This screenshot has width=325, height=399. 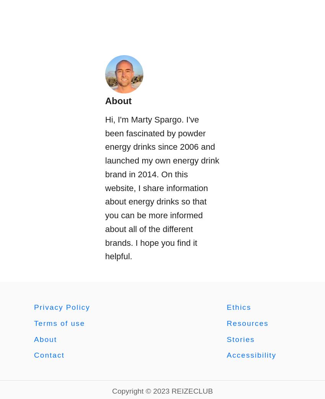 I want to click on 'Privacy Policy', so click(x=62, y=307).